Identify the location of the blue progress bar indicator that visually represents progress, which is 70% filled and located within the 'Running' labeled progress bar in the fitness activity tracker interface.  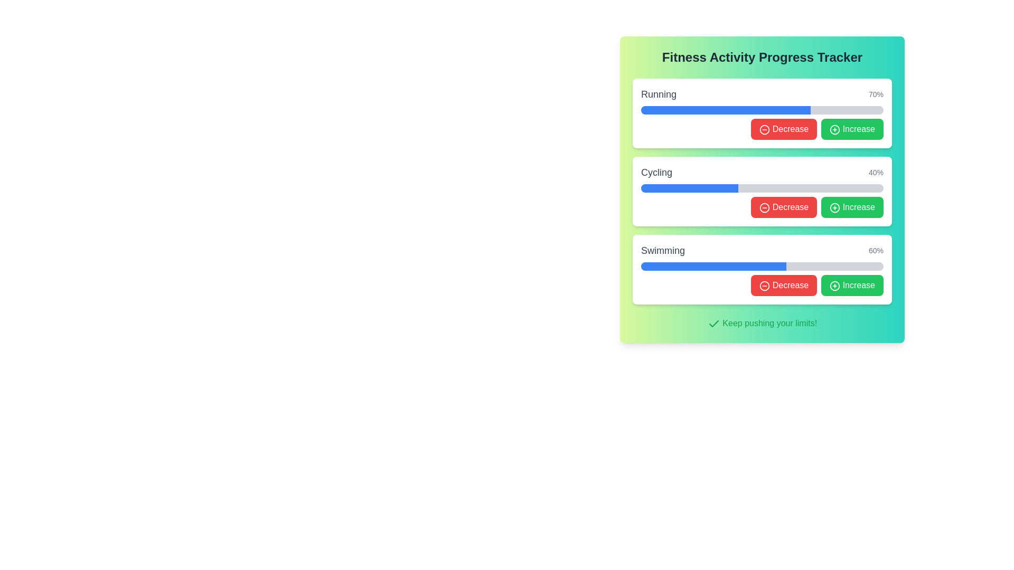
(725, 110).